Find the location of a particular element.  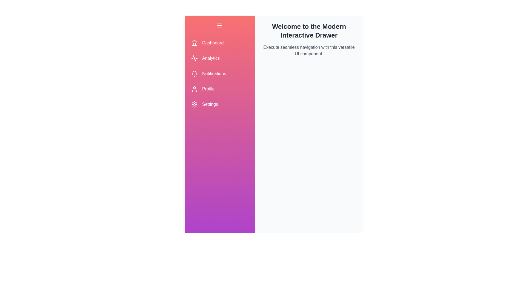

the navigation item labeled Profile is located at coordinates (219, 89).